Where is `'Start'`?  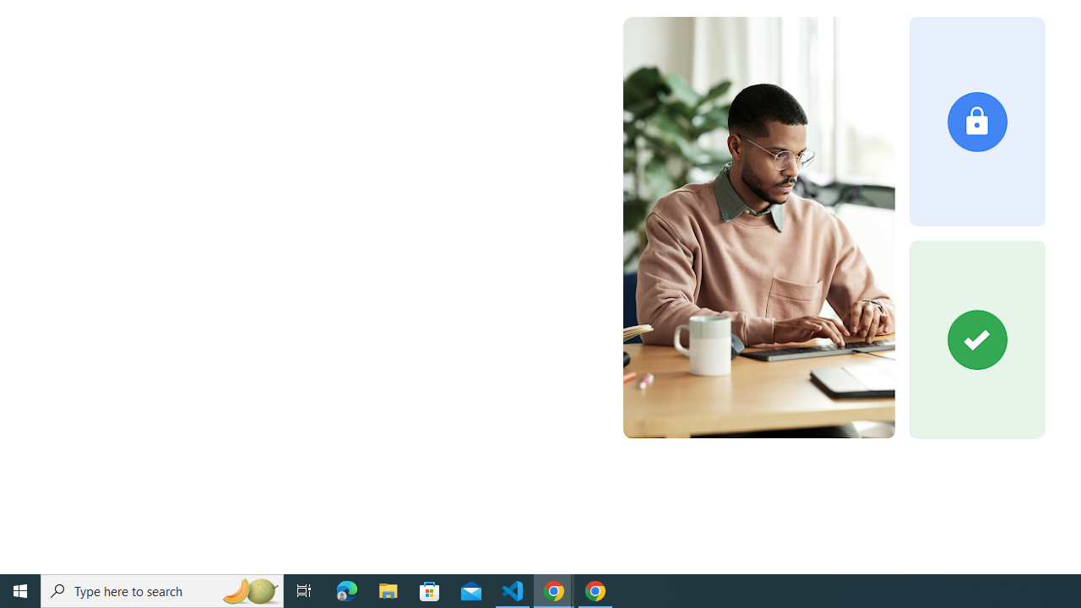
'Start' is located at coordinates (20, 589).